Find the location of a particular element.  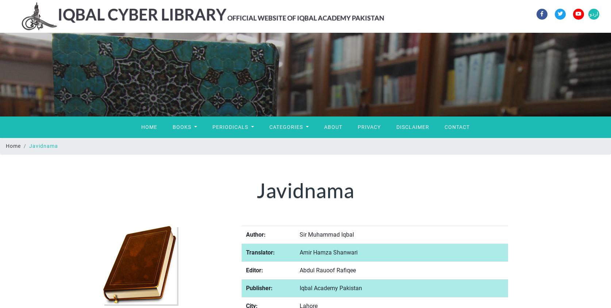

'Sir Muhammad Iqbal' is located at coordinates (326, 234).